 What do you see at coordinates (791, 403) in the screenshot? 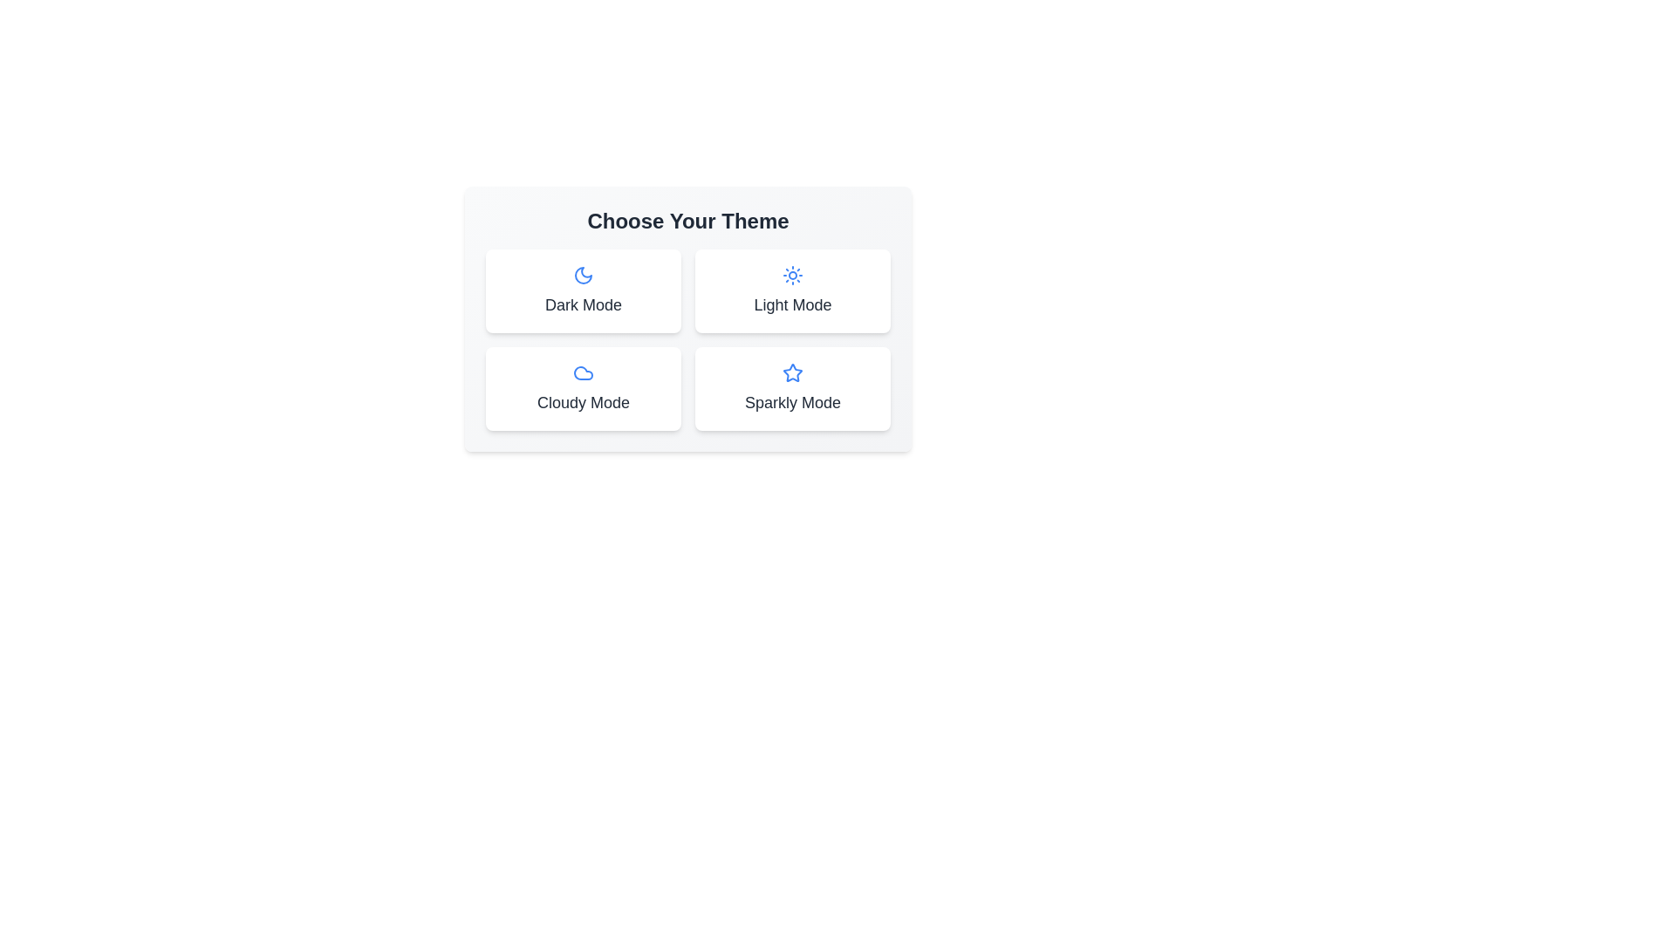
I see `the text label reading 'Sparkly Mode' located in the bottom-right panel under the 'Choose Your Theme' section, which is enclosed within a rounded rectangular card` at bounding box center [791, 403].